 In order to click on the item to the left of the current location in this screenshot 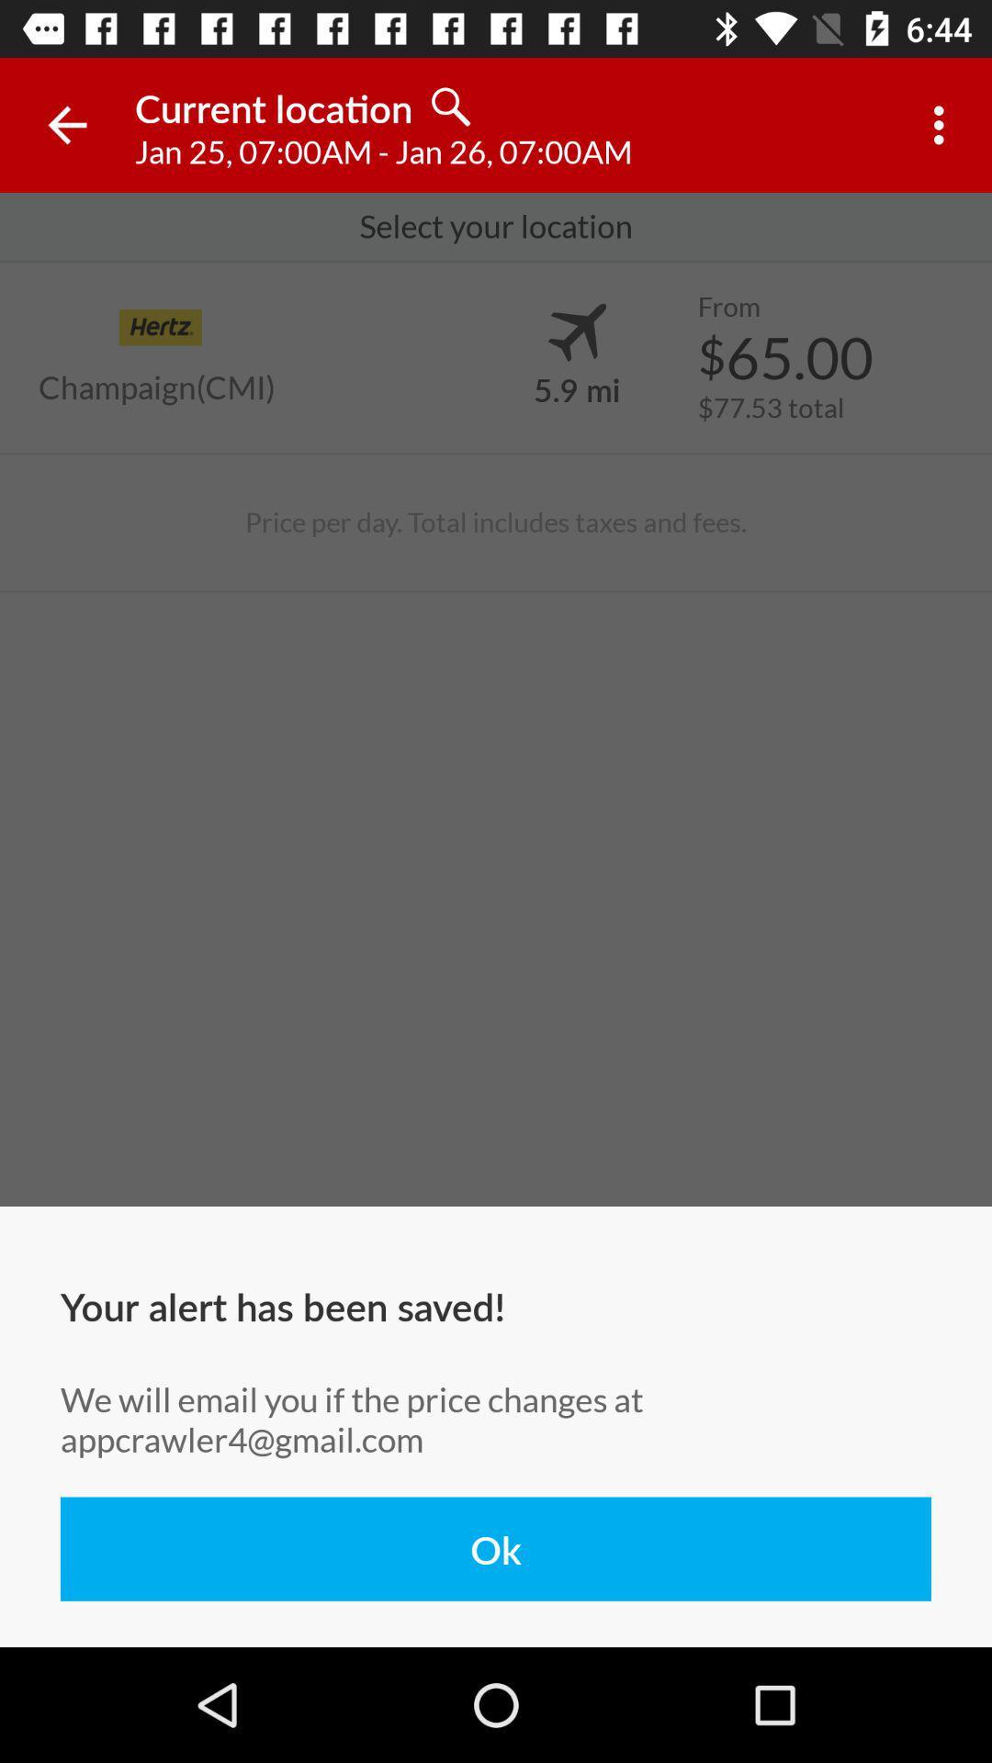, I will do `click(66, 124)`.